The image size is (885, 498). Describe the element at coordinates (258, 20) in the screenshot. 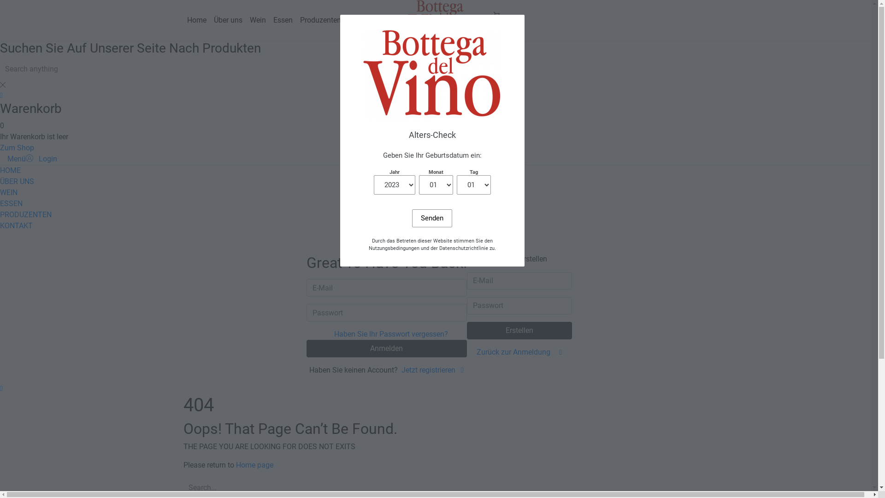

I see `'Wein'` at that location.